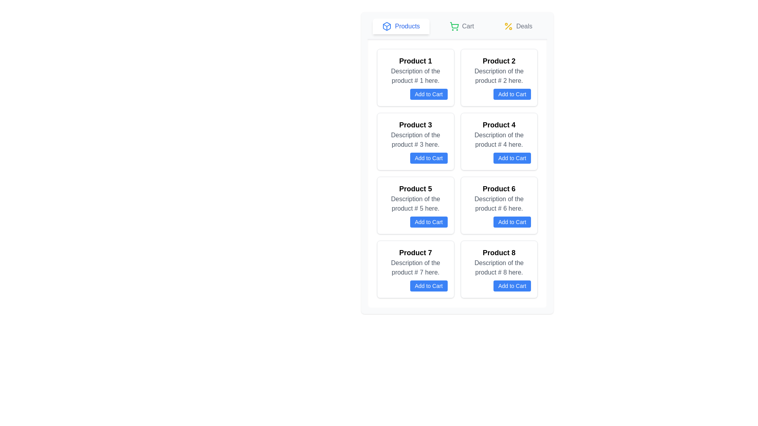  Describe the element at coordinates (499, 158) in the screenshot. I see `the 'Add to Cart' button for 'Product 4' located at the bottom-right corner of its card` at that location.